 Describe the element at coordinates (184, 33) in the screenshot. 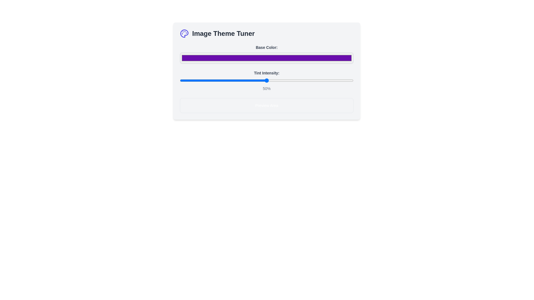

I see `the palette graphic icon located` at that location.